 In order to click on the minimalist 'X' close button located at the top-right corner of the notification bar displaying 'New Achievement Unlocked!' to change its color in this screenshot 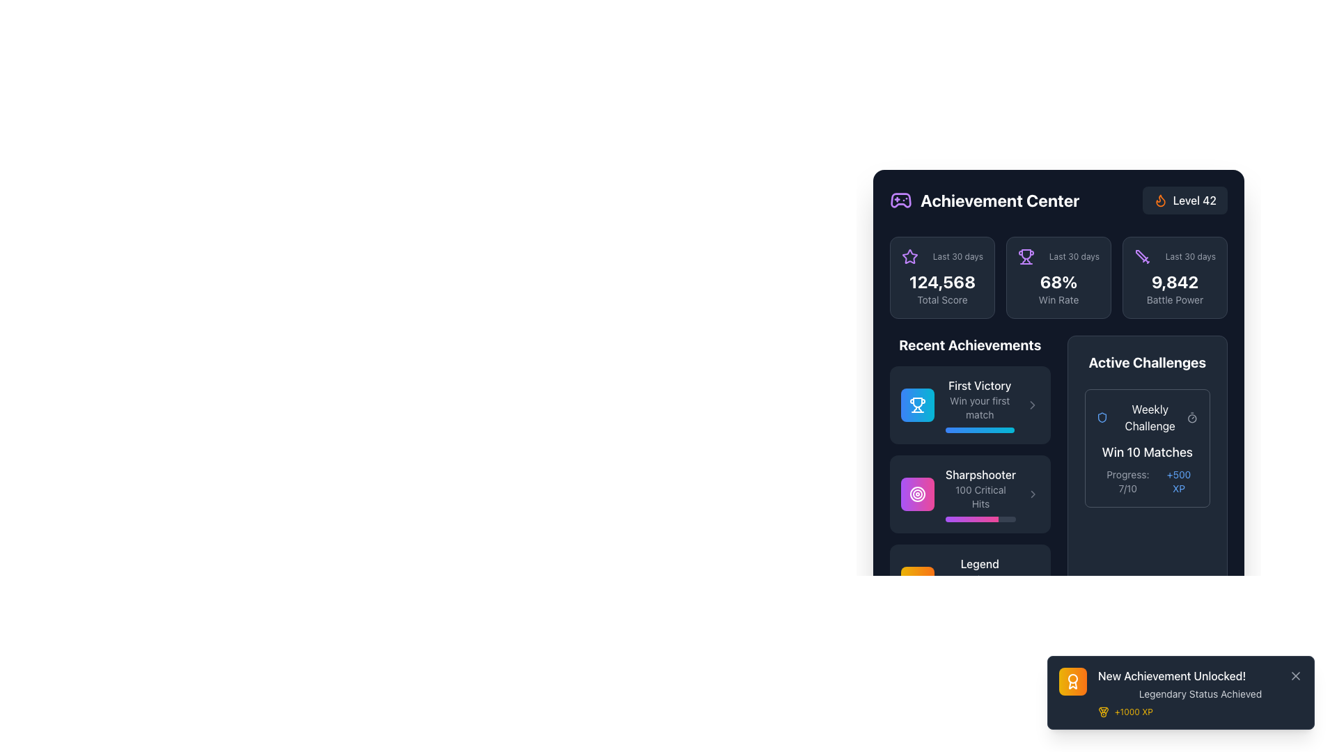, I will do `click(1295, 675)`.